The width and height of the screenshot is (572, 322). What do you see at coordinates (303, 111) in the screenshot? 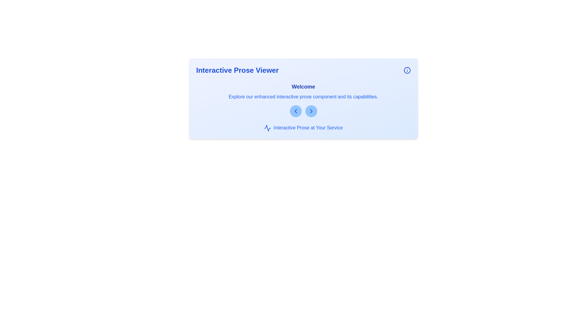
I see `the navigation controls (buttons with arrows) that are circular with blue shades and positioned below the text 'Explore our enhanced interactive prose component and its capabilities.'` at bounding box center [303, 111].